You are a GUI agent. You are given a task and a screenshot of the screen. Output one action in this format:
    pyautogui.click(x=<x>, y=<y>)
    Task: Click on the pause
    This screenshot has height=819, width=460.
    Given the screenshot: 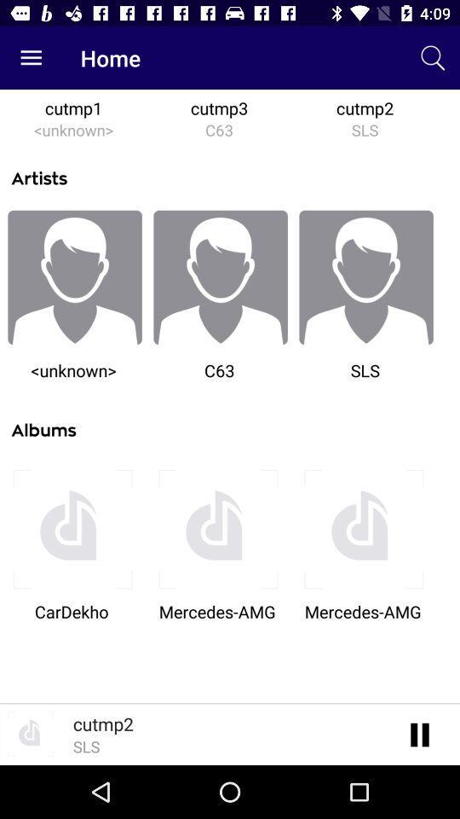 What is the action you would take?
    pyautogui.click(x=419, y=733)
    